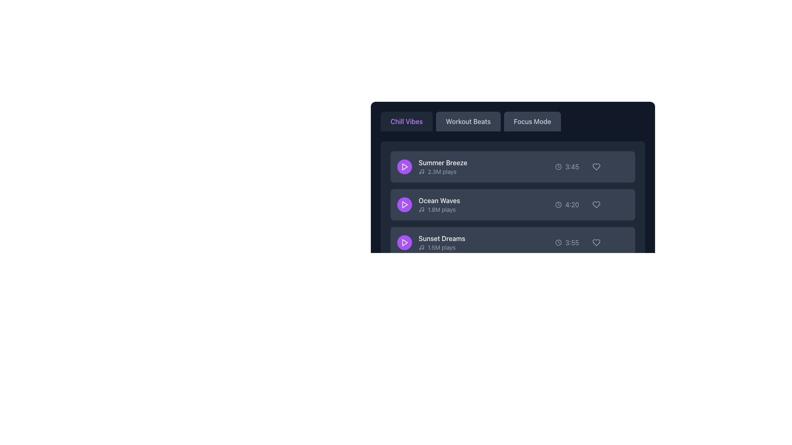 The image size is (792, 445). I want to click on the text label displaying 'Ocean Waves', so click(429, 204).